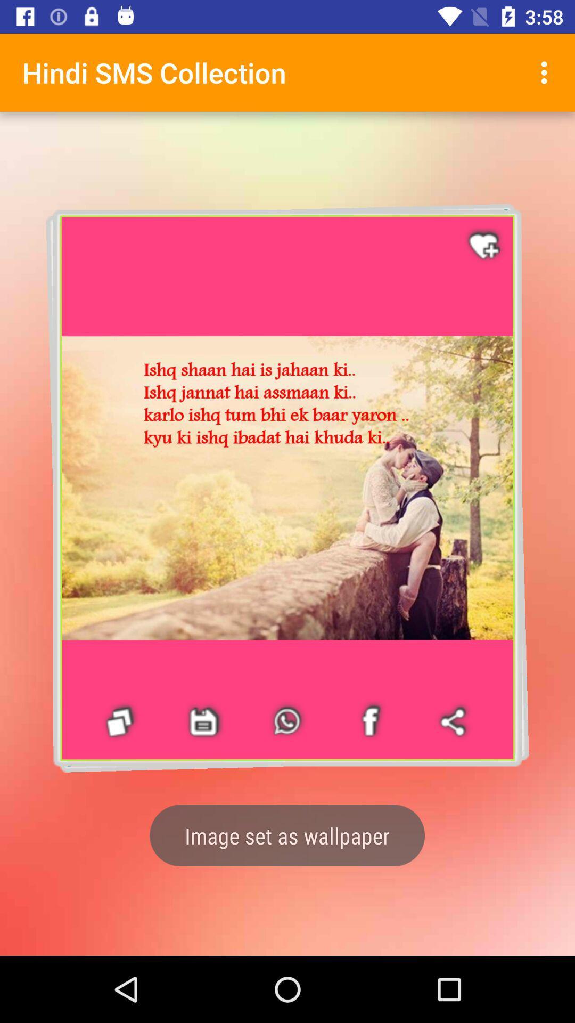 This screenshot has width=575, height=1023. Describe the element at coordinates (460, 717) in the screenshot. I see `the share icon` at that location.